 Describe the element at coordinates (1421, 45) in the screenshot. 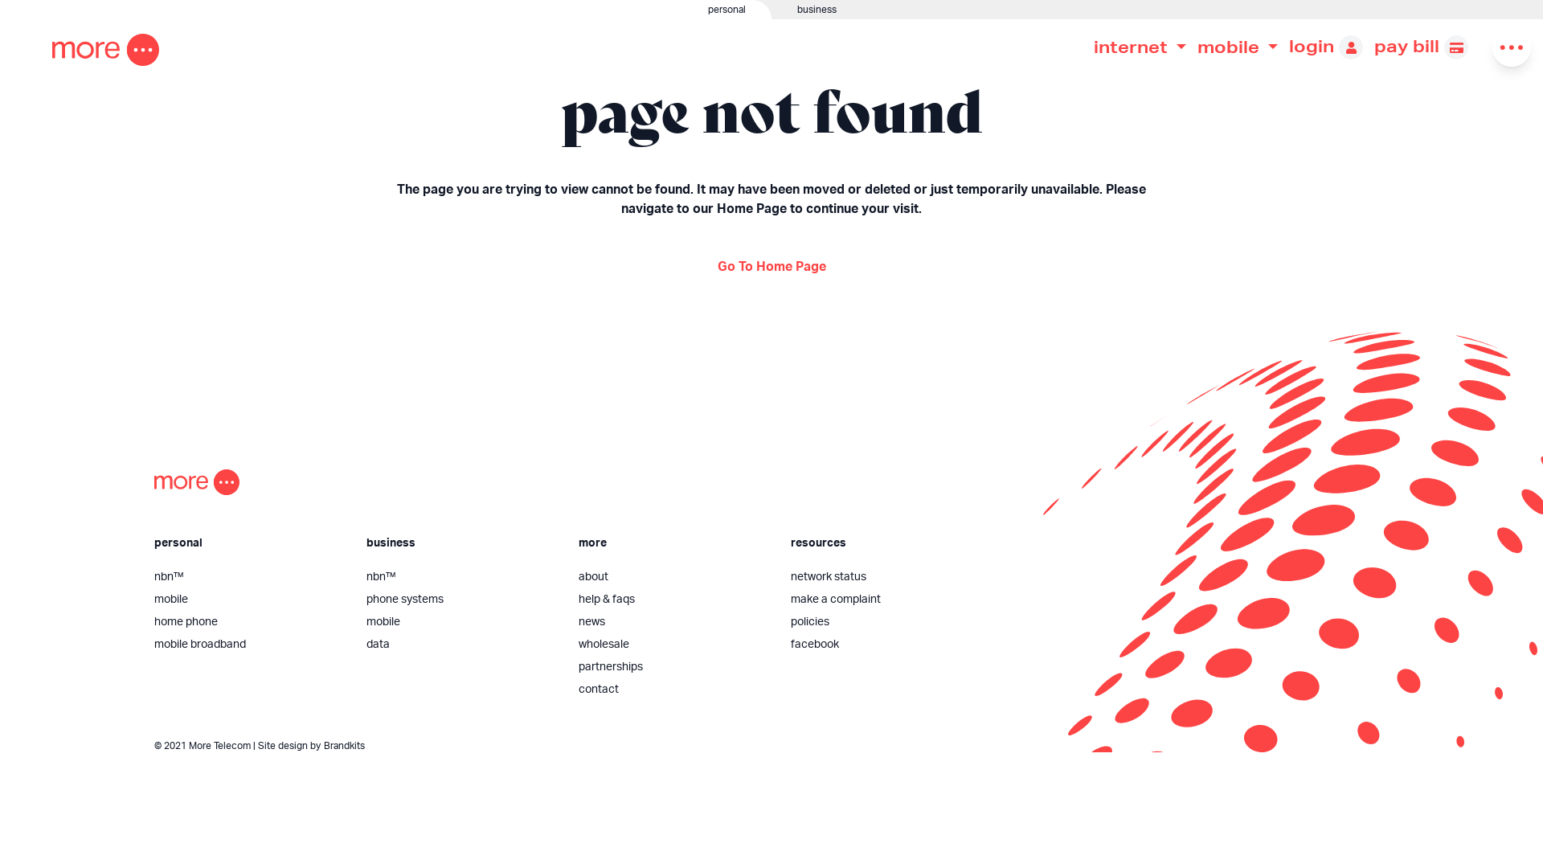

I see `'pay bill'` at that location.